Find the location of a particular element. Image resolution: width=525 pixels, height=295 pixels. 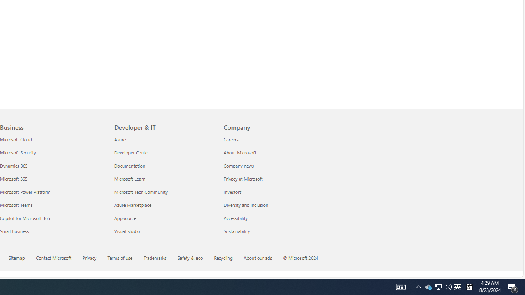

'Investors' is located at coordinates (273, 192).